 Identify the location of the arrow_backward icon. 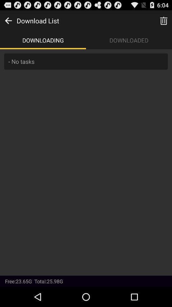
(8, 22).